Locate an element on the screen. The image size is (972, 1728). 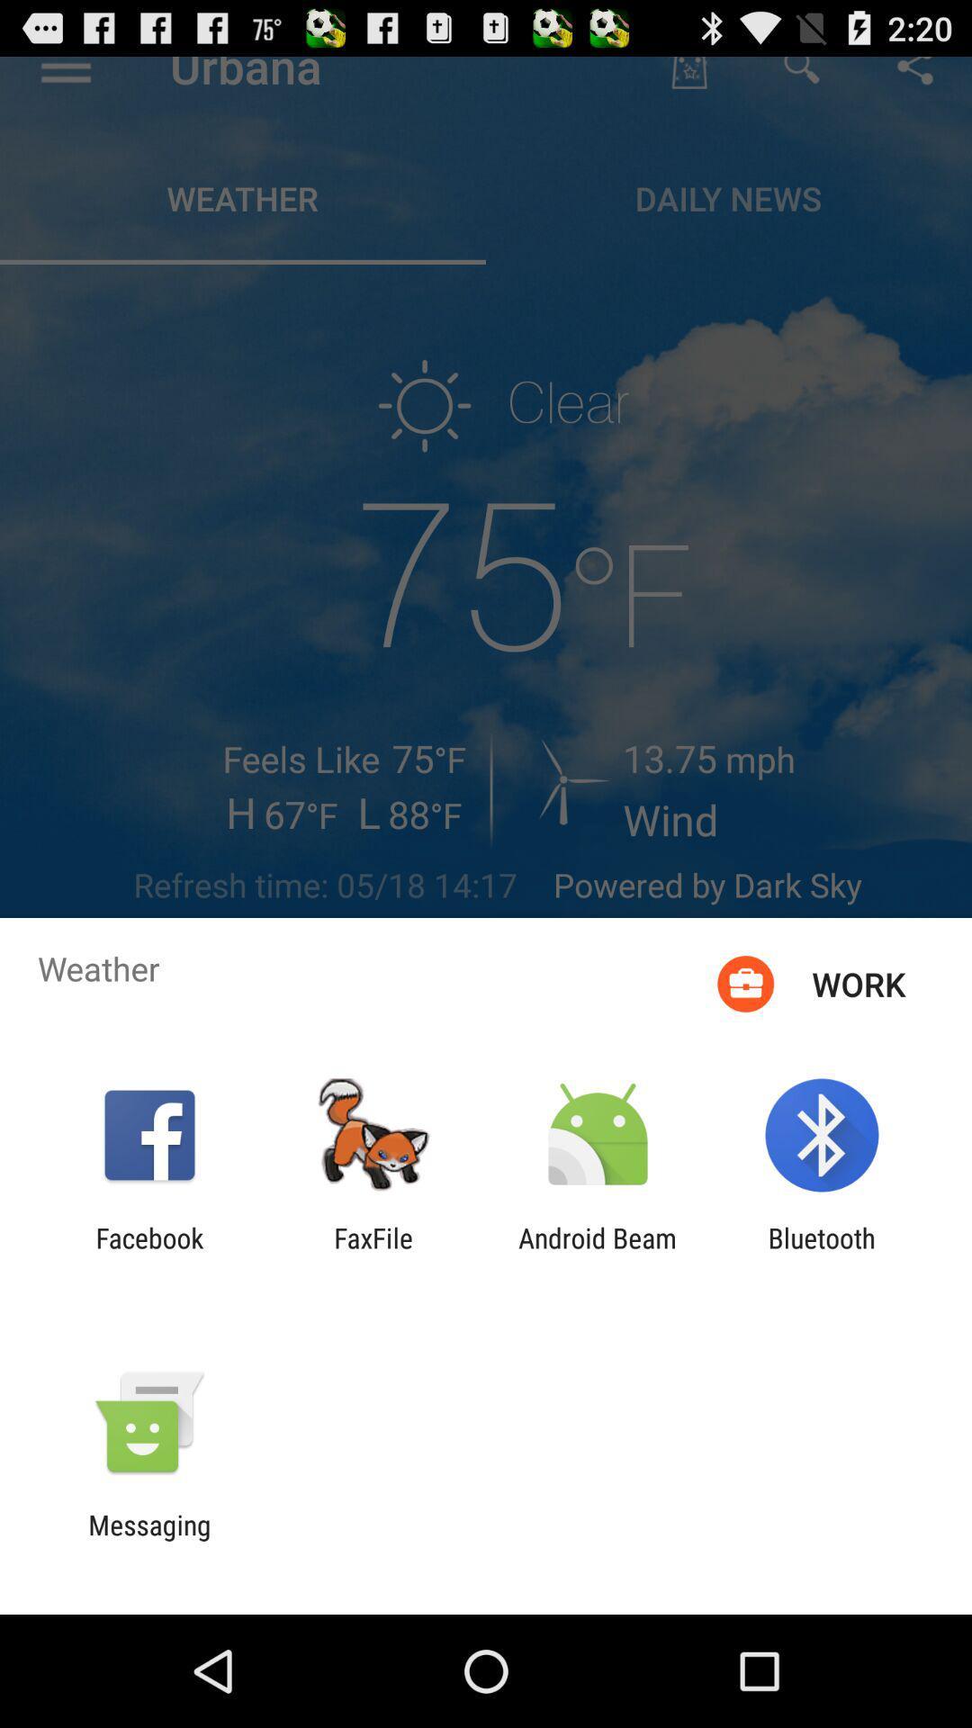
messaging icon is located at coordinates (148, 1540).